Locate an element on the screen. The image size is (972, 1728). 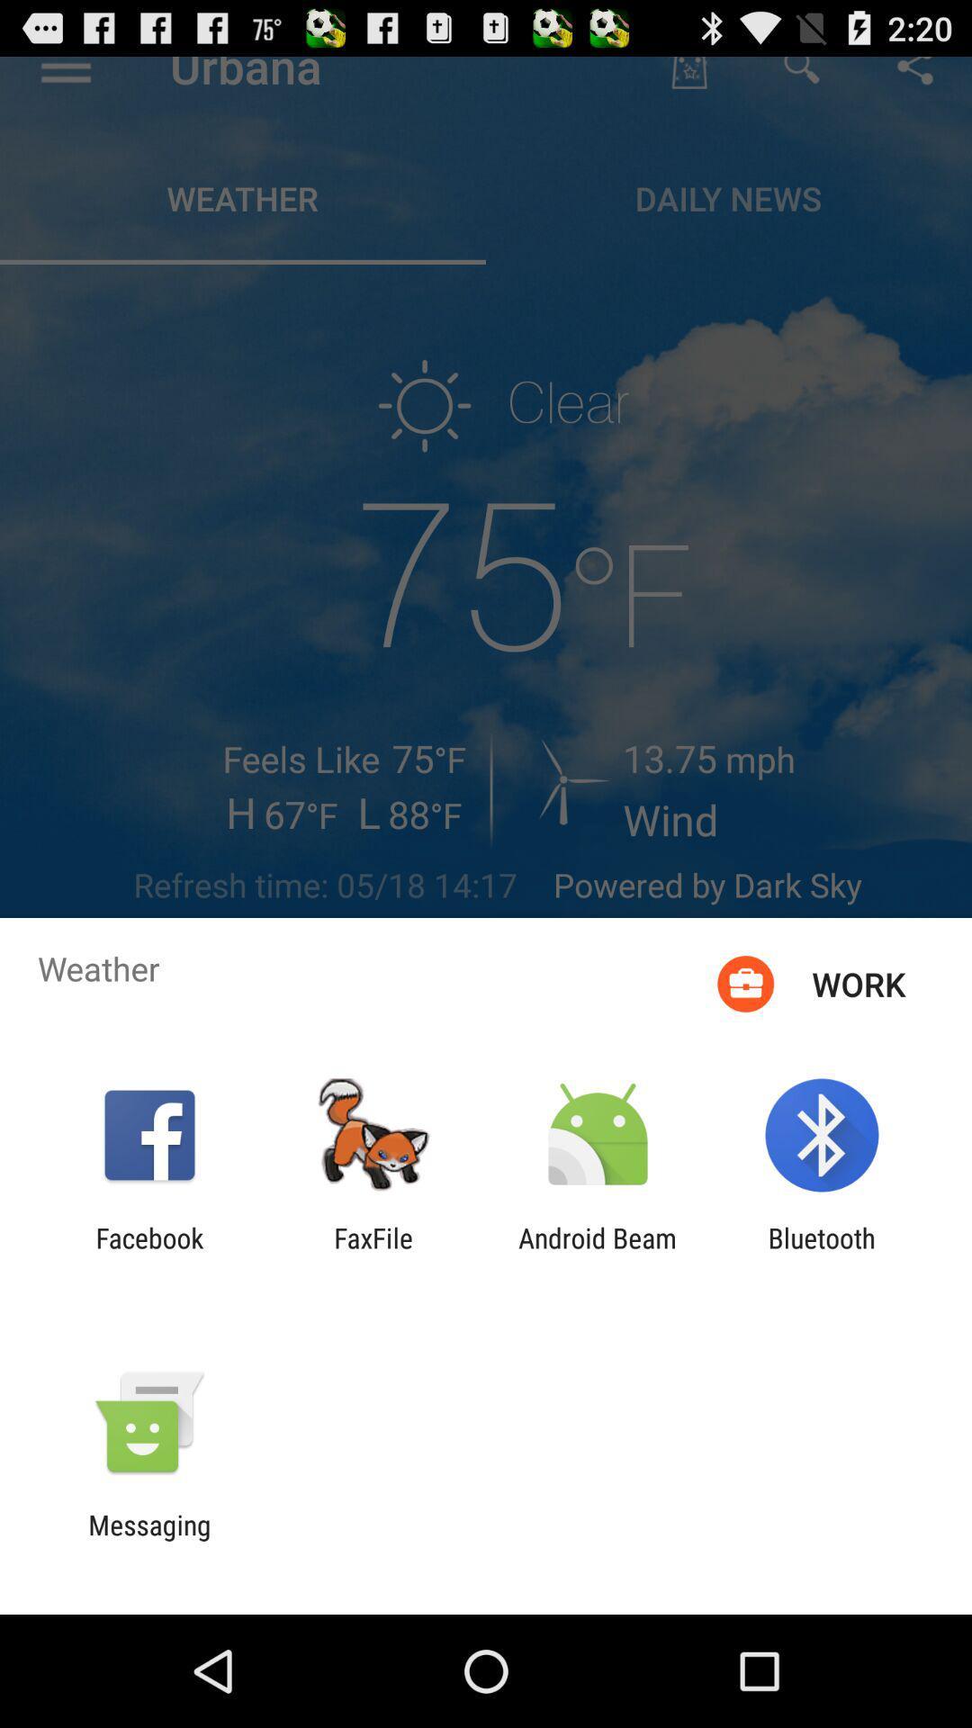
messaging icon is located at coordinates (148, 1540).